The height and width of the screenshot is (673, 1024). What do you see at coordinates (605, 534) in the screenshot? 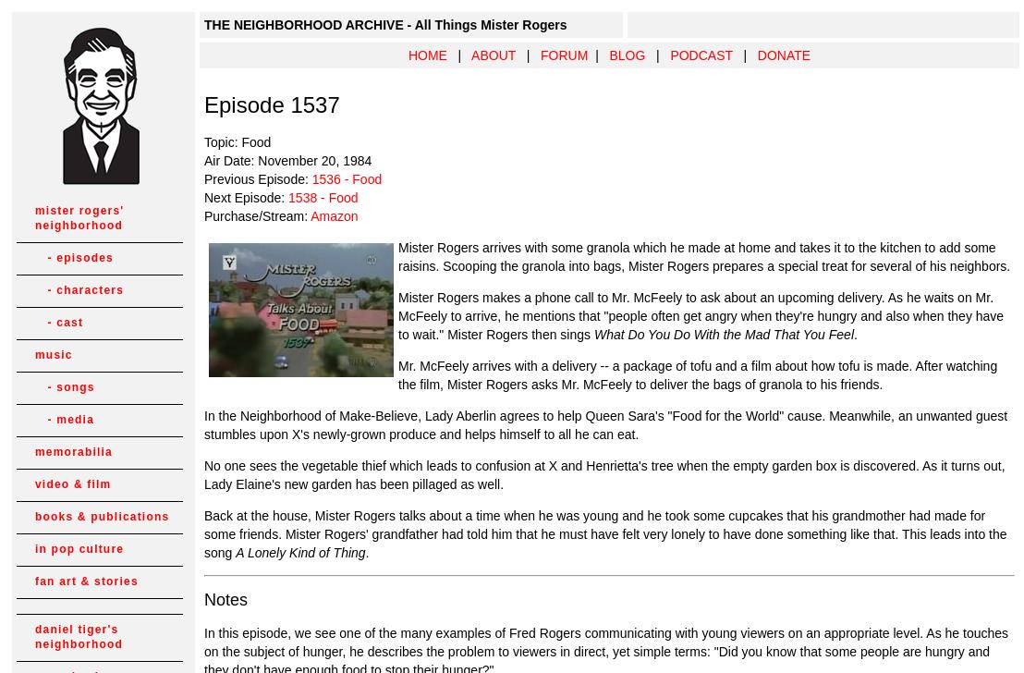
I see `'Back at the house, Mister Rogers talks about a time when he was young and he took some cupcakes that his grandmother had made for some friends. Mister Rogers' grandfather had told him that he must have felt very lonely to have done something like that. This leads into the song'` at bounding box center [605, 534].